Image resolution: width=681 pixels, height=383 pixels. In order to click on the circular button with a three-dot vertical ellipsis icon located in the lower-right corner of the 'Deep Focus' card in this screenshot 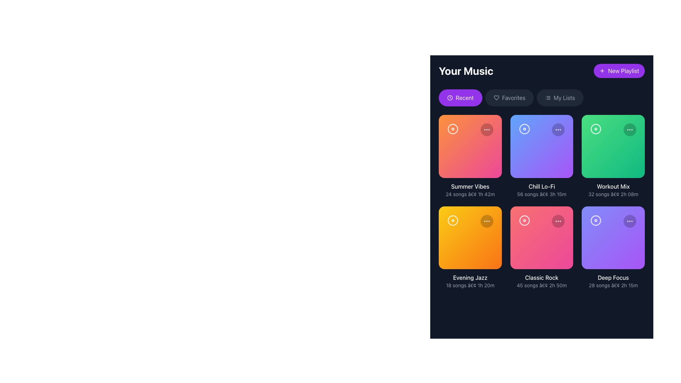, I will do `click(630, 221)`.